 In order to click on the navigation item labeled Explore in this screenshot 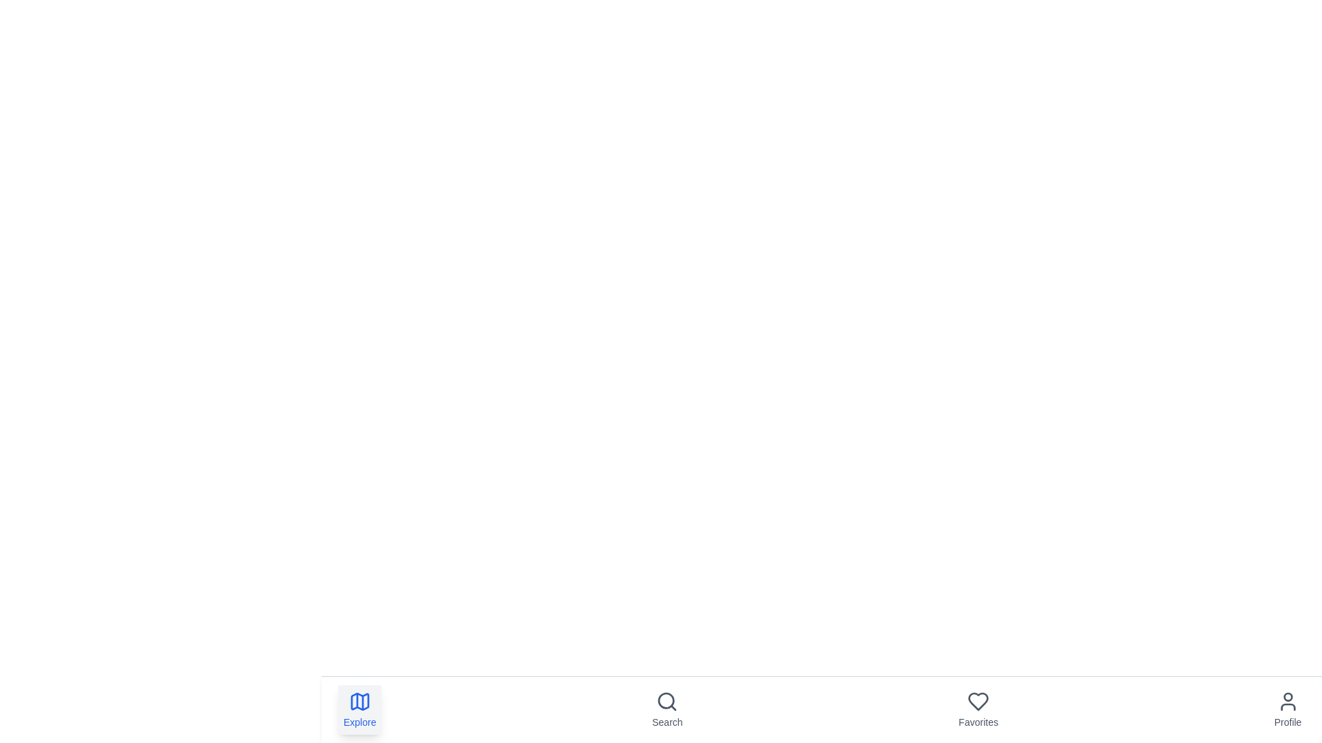, I will do `click(359, 710)`.